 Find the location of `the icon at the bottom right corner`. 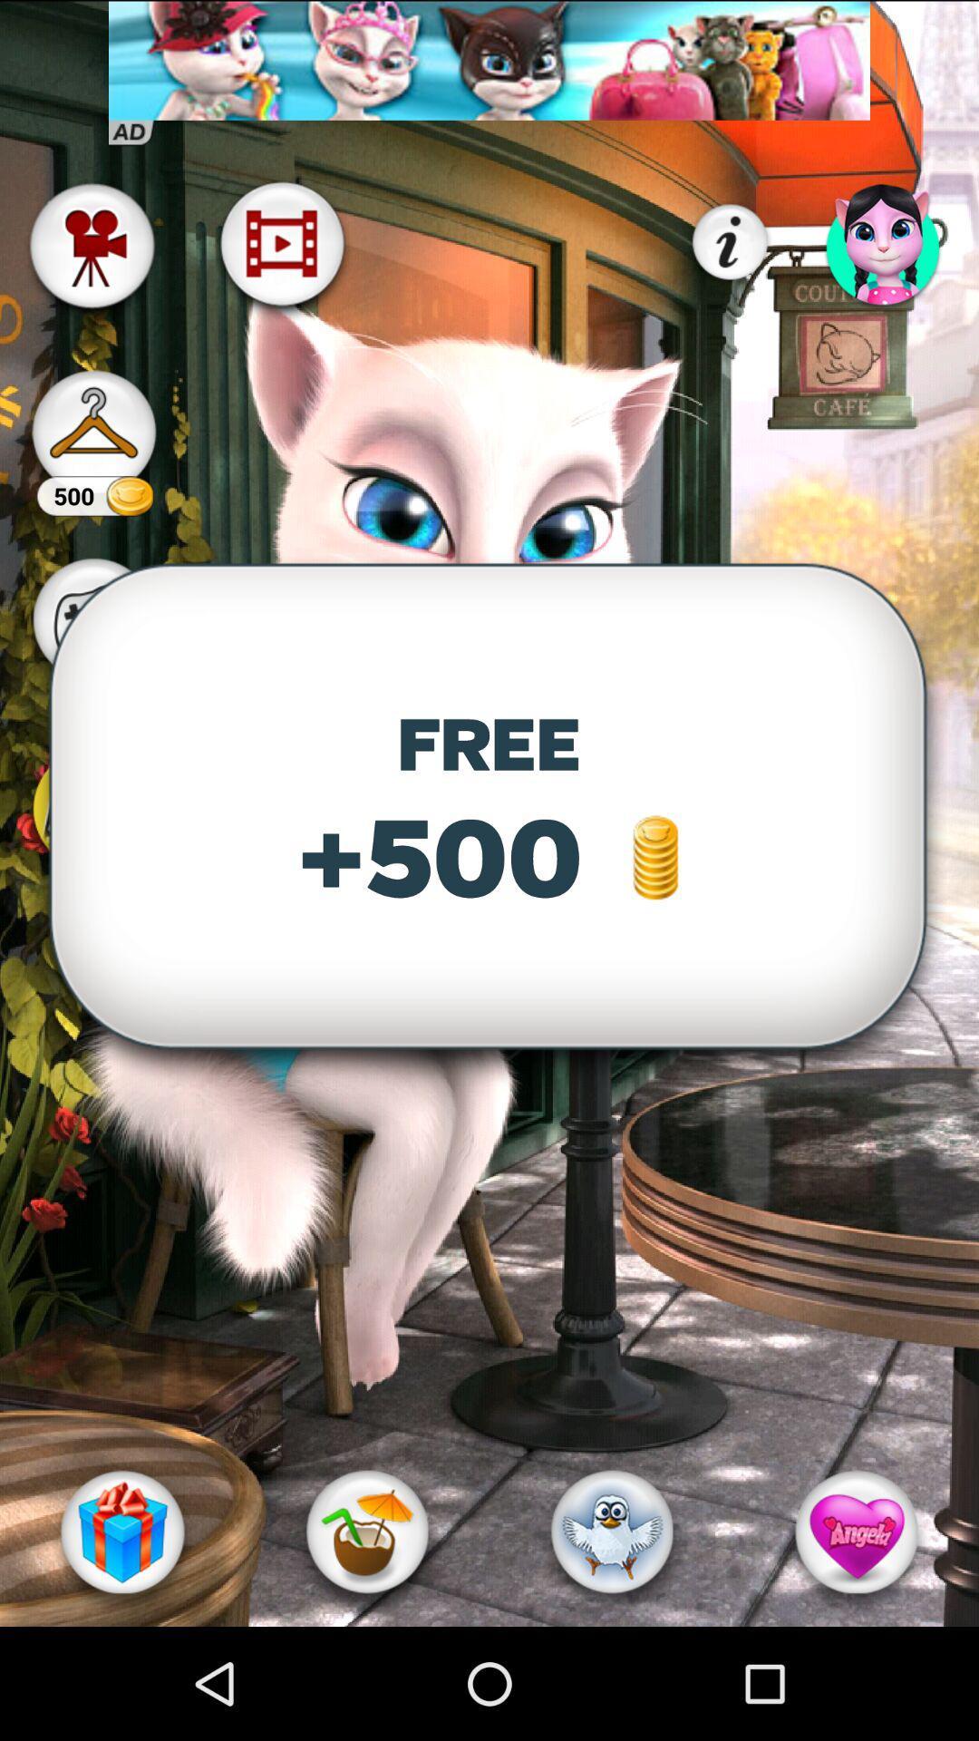

the icon at the bottom right corner is located at coordinates (857, 1531).